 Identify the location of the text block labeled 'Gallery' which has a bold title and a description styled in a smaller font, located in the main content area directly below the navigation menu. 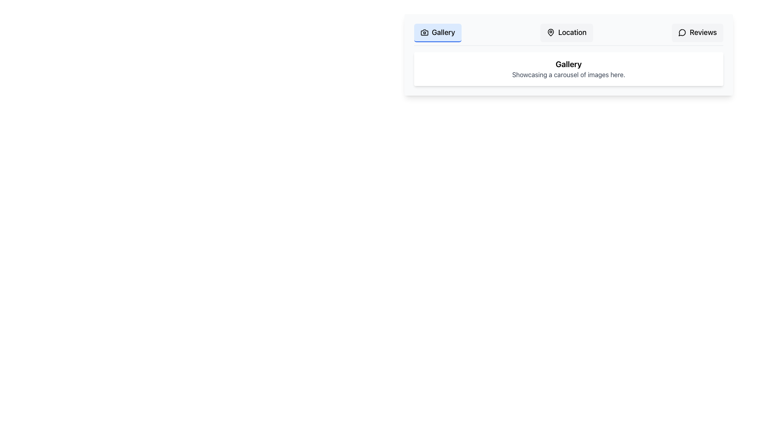
(568, 69).